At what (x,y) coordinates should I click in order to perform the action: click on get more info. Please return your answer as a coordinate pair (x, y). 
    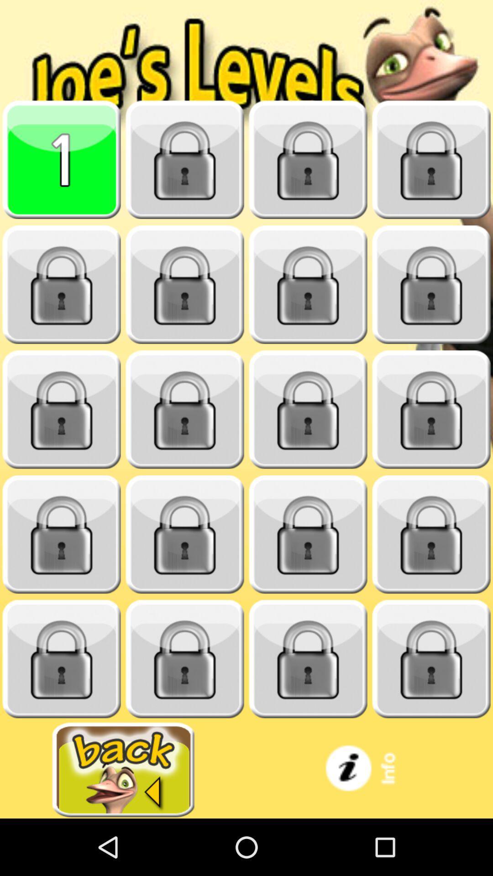
    Looking at the image, I should click on (370, 769).